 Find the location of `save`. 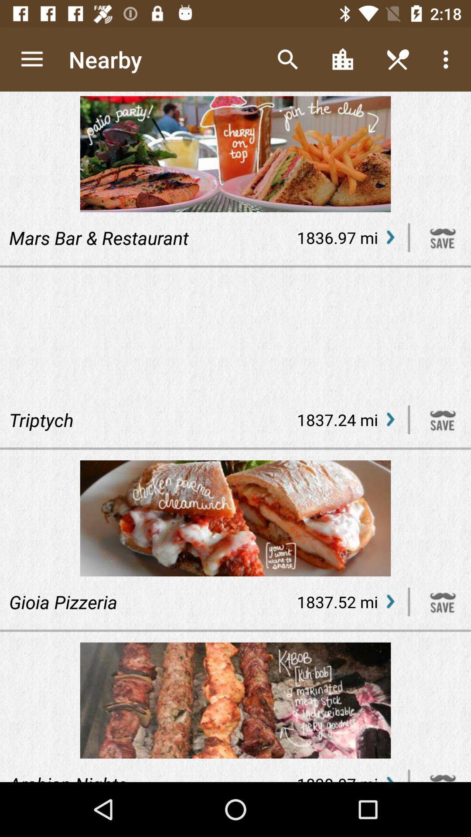

save is located at coordinates (443, 601).